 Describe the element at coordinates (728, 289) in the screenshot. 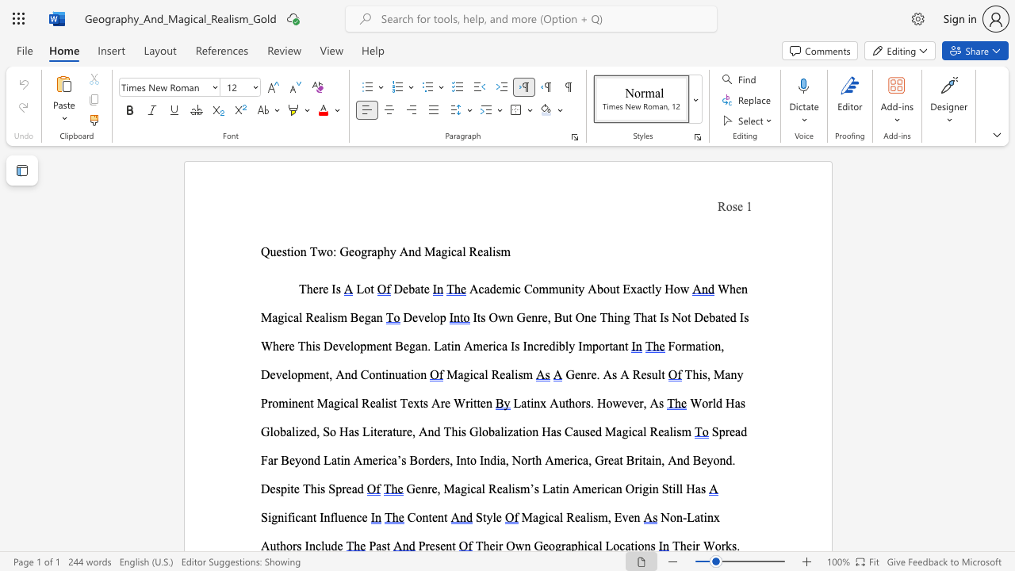

I see `the subset text "hen Magical Real" within the text "When Magical Realism Began"` at that location.